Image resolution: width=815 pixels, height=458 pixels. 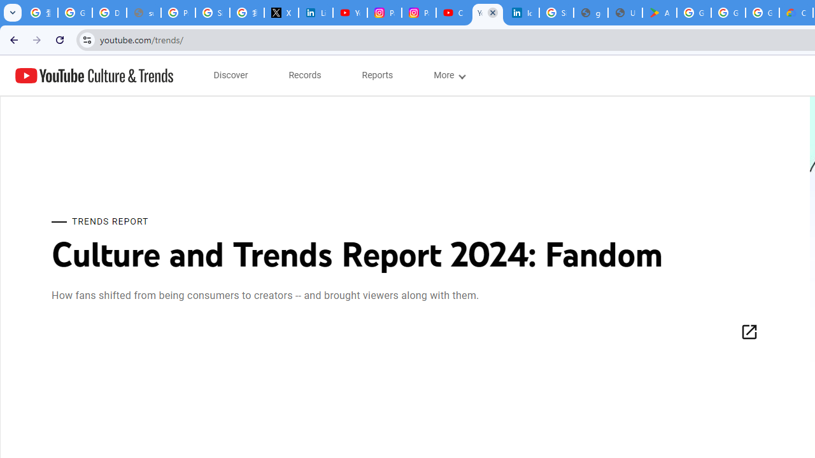 What do you see at coordinates (660, 13) in the screenshot?
I see `'Android Apps on Google Play'` at bounding box center [660, 13].